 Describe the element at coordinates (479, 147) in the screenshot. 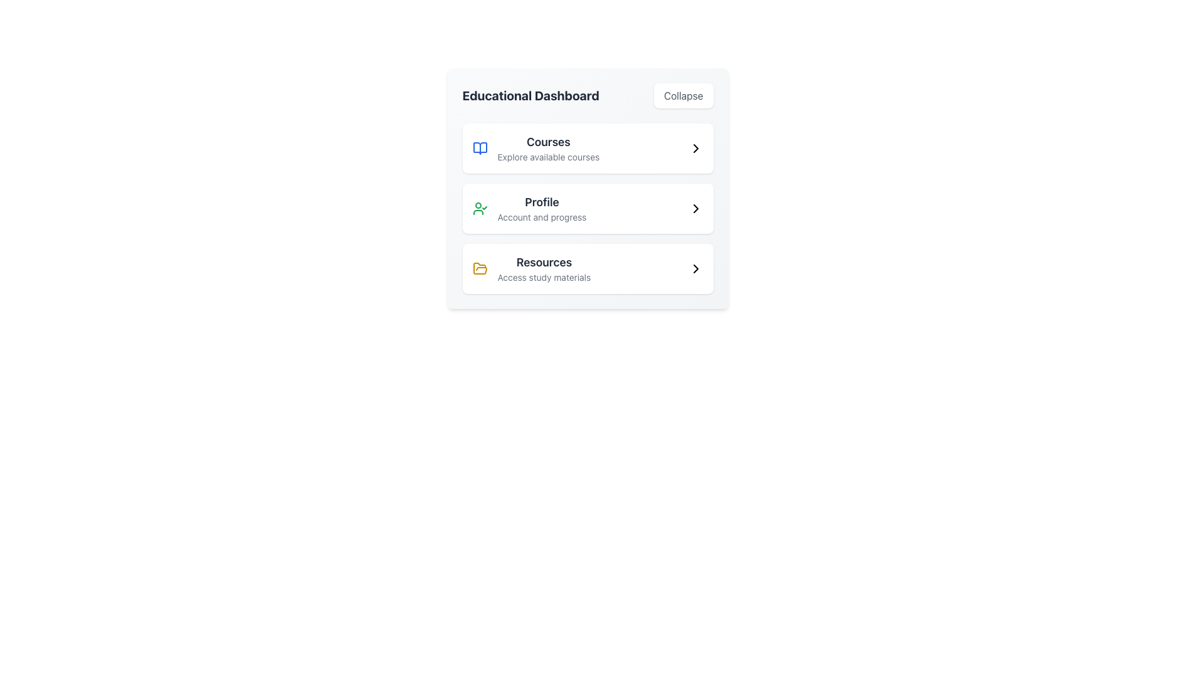

I see `the 'Courses' icon located in the top-left corner of the educational dashboard` at that location.